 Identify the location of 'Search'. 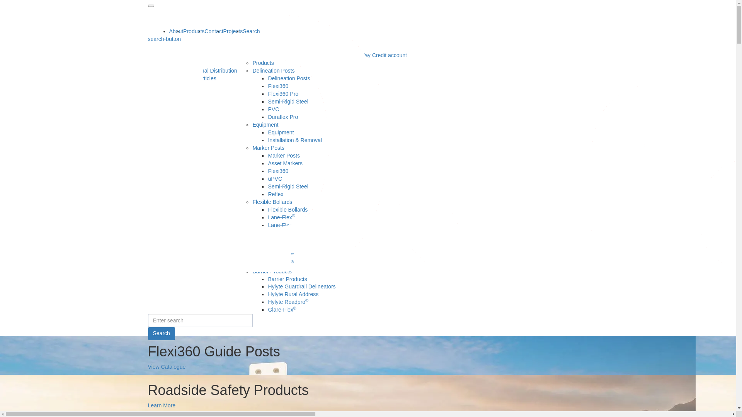
(251, 31).